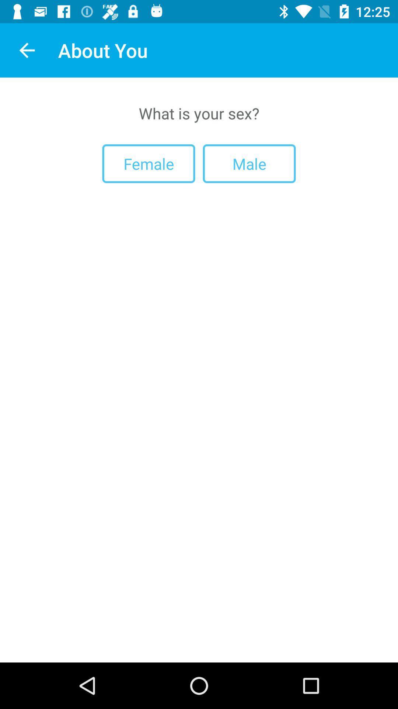 This screenshot has height=709, width=398. I want to click on the icon next to the about you, so click(27, 50).